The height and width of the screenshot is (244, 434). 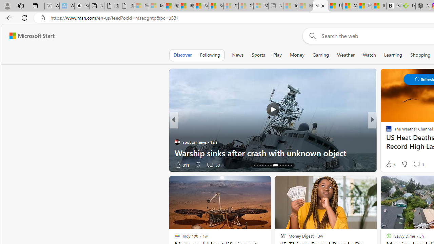 I want to click on 'spot on news', so click(x=177, y=142).